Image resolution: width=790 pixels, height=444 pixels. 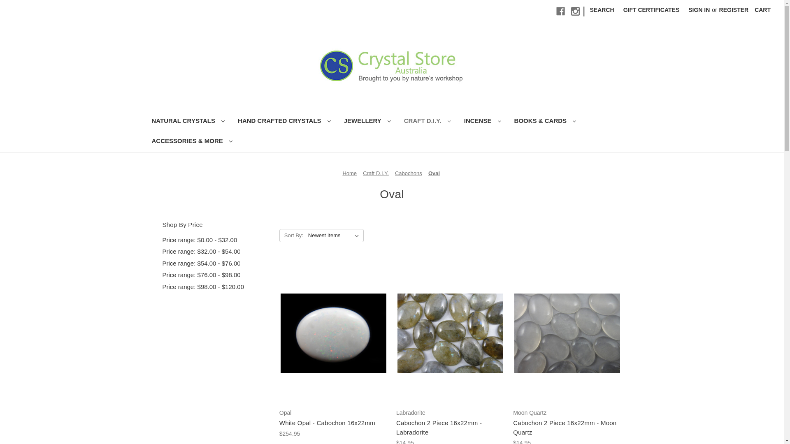 What do you see at coordinates (391, 65) in the screenshot?
I see `'The Crystal Store'` at bounding box center [391, 65].